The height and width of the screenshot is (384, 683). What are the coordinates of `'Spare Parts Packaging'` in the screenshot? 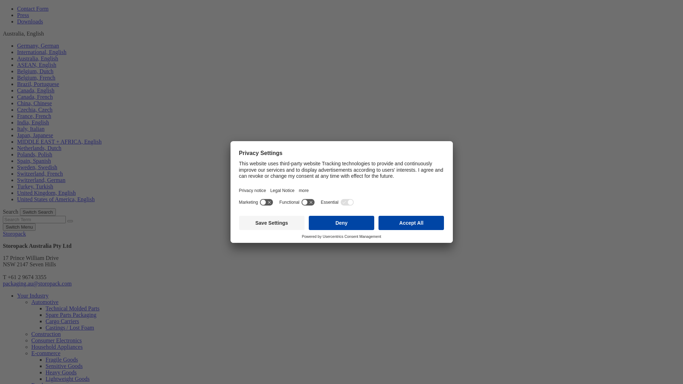 It's located at (71, 314).